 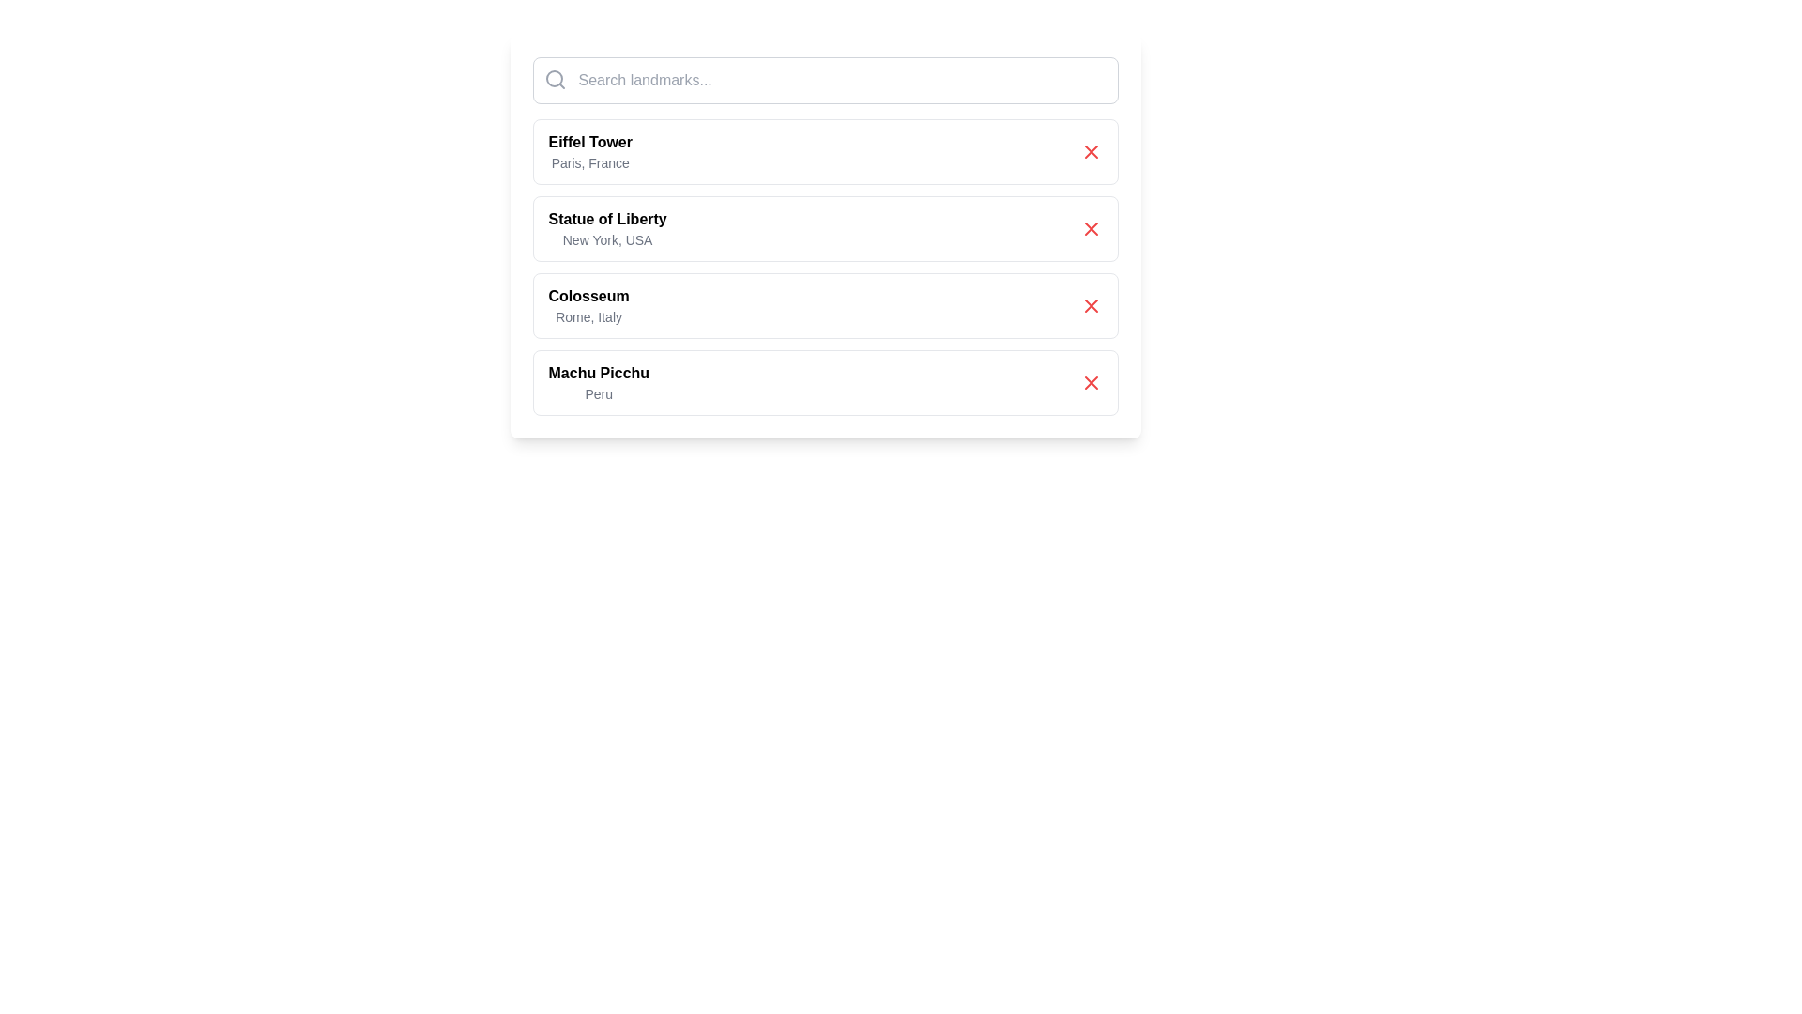 I want to click on the delete button located at the far right end of the 'Colosseum, Rome, Italy' entry in the list, so click(x=1091, y=305).